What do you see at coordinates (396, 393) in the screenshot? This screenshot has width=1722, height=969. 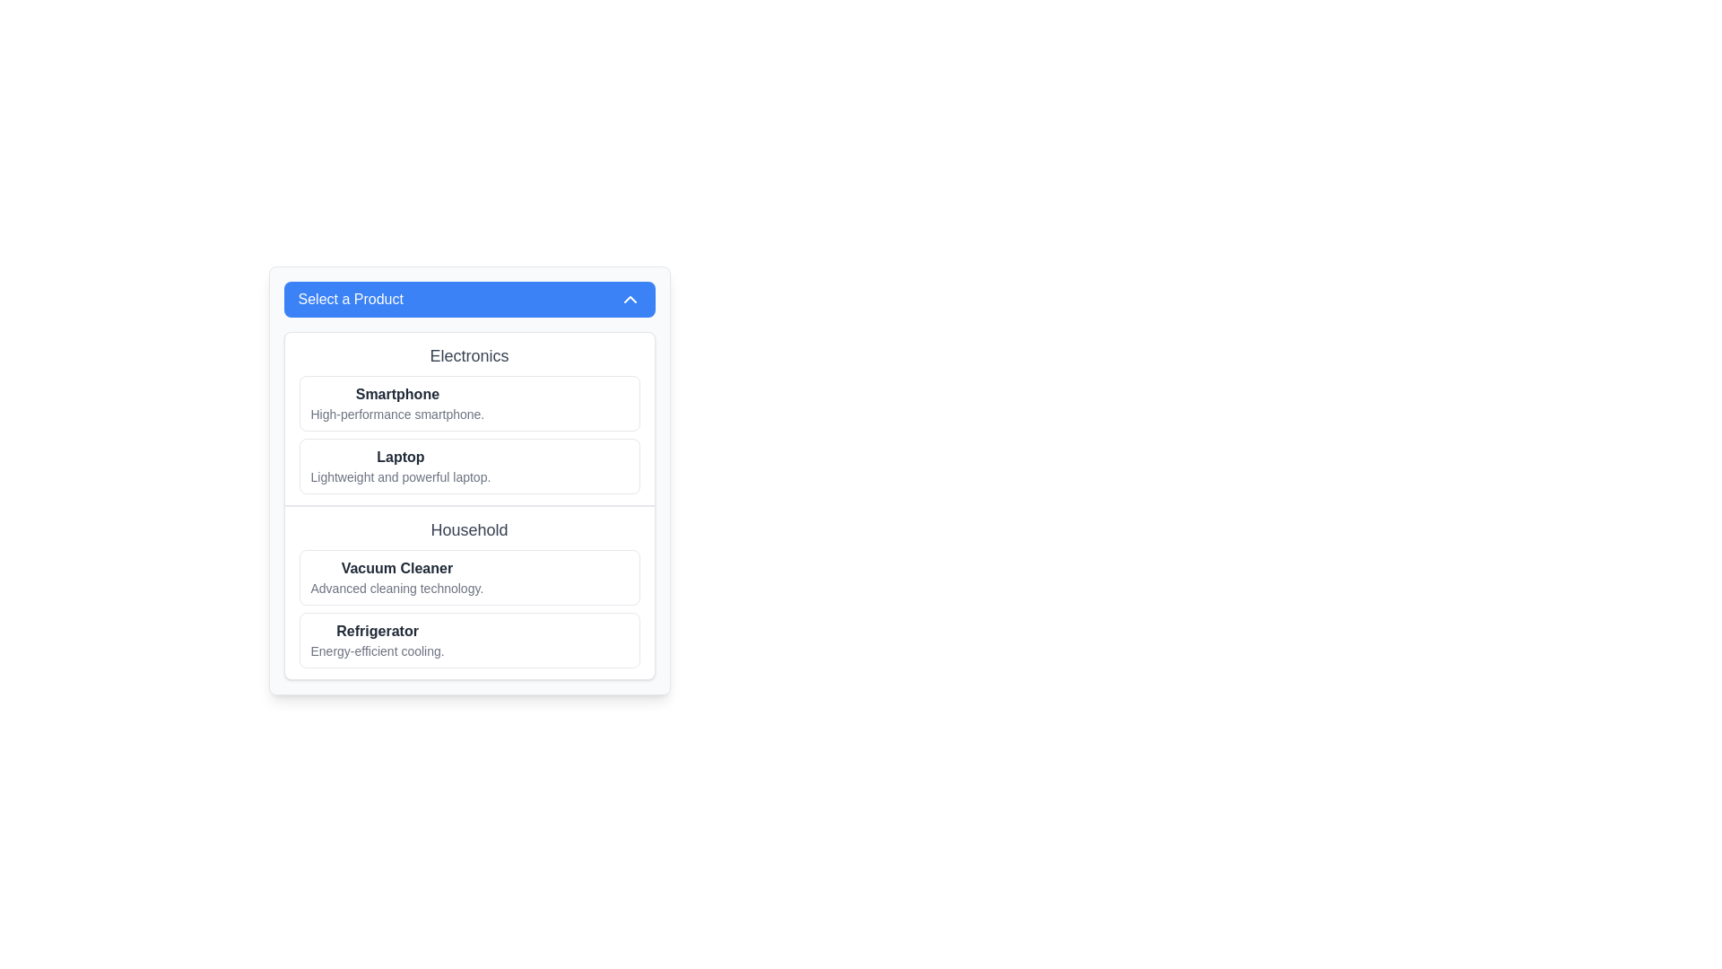 I see `the header label indicating the product category 'Smartphone', which is positioned above the descriptive text in the 'Electronics' section` at bounding box center [396, 393].